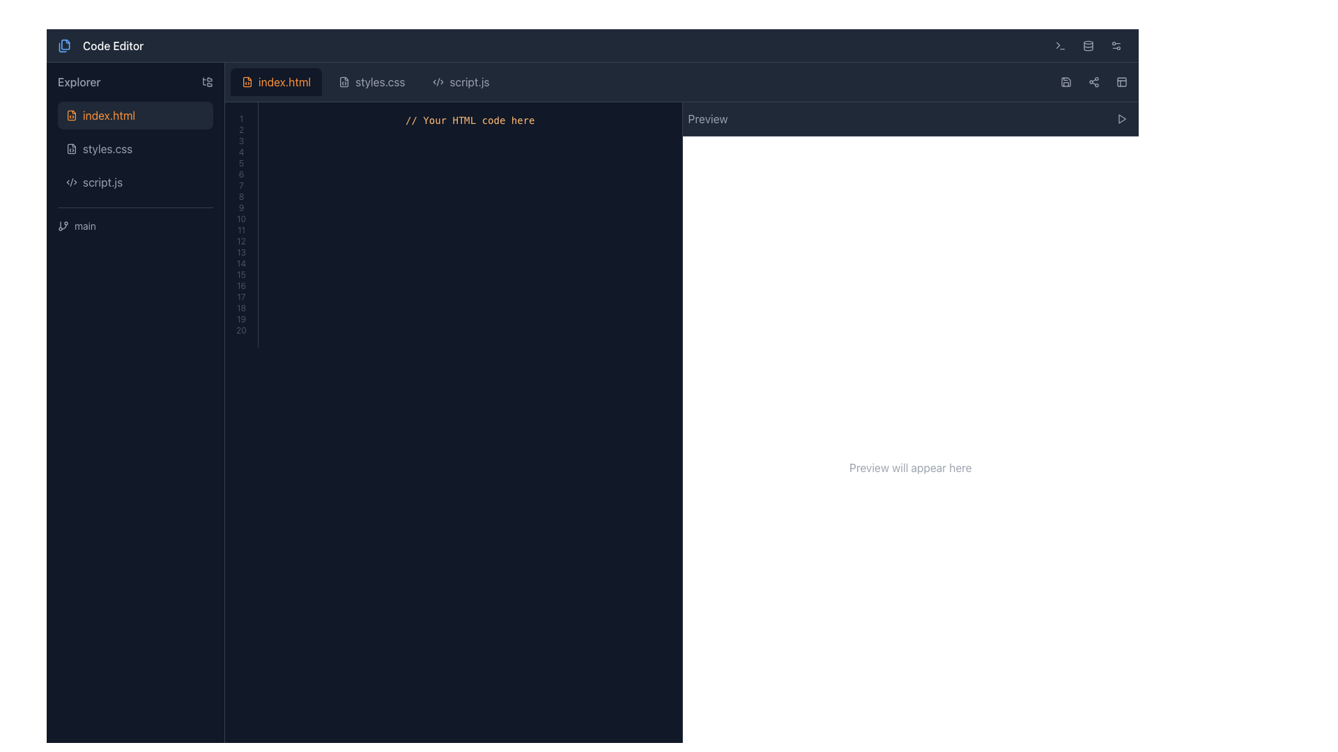 This screenshot has height=752, width=1338. Describe the element at coordinates (241, 219) in the screenshot. I see `the line number indicator, which is the 10th entry in a vertical list of numbers used for referencing lines in a text editor` at that location.